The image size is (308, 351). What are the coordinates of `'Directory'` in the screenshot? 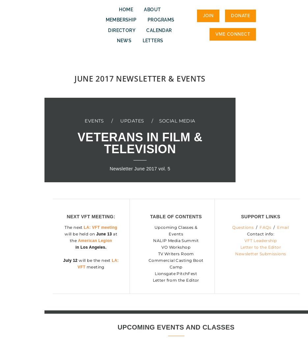 It's located at (121, 30).